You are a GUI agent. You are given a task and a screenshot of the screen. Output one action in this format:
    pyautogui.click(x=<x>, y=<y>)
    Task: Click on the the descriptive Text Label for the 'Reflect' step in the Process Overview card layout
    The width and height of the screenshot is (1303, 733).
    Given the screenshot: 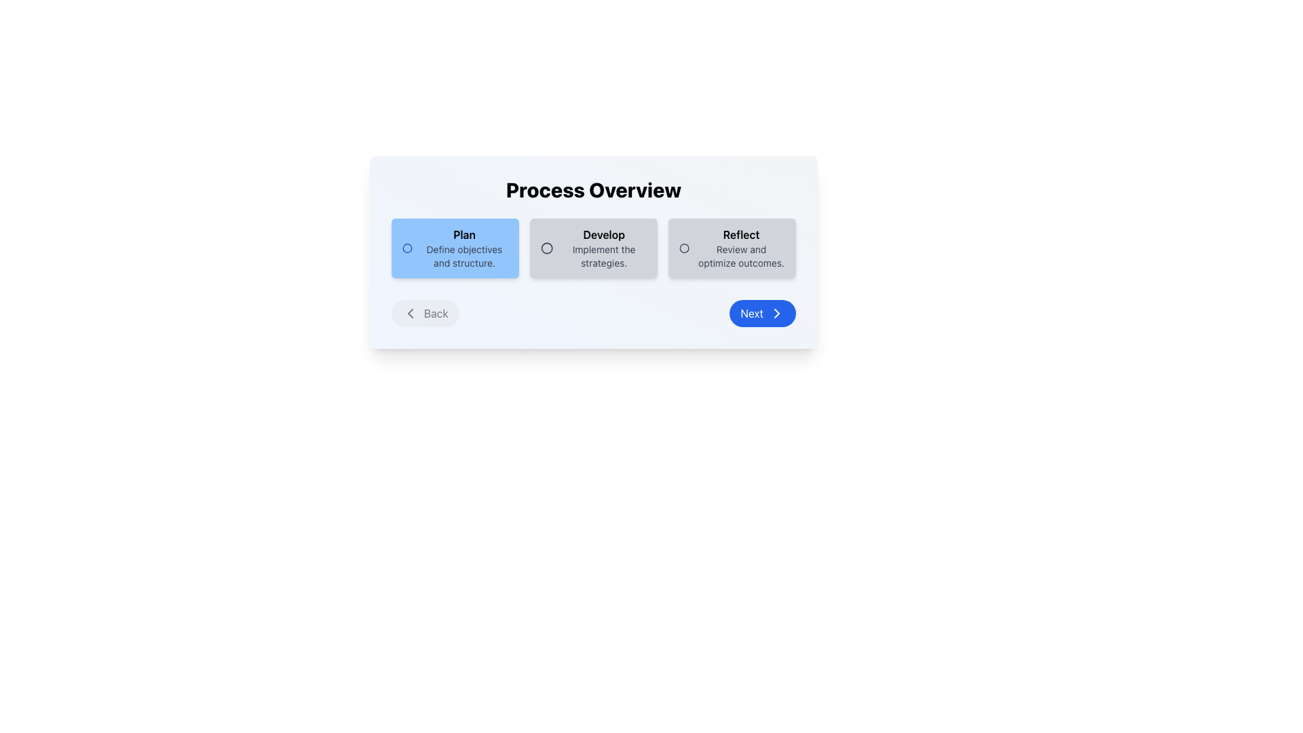 What is the action you would take?
    pyautogui.click(x=740, y=257)
    